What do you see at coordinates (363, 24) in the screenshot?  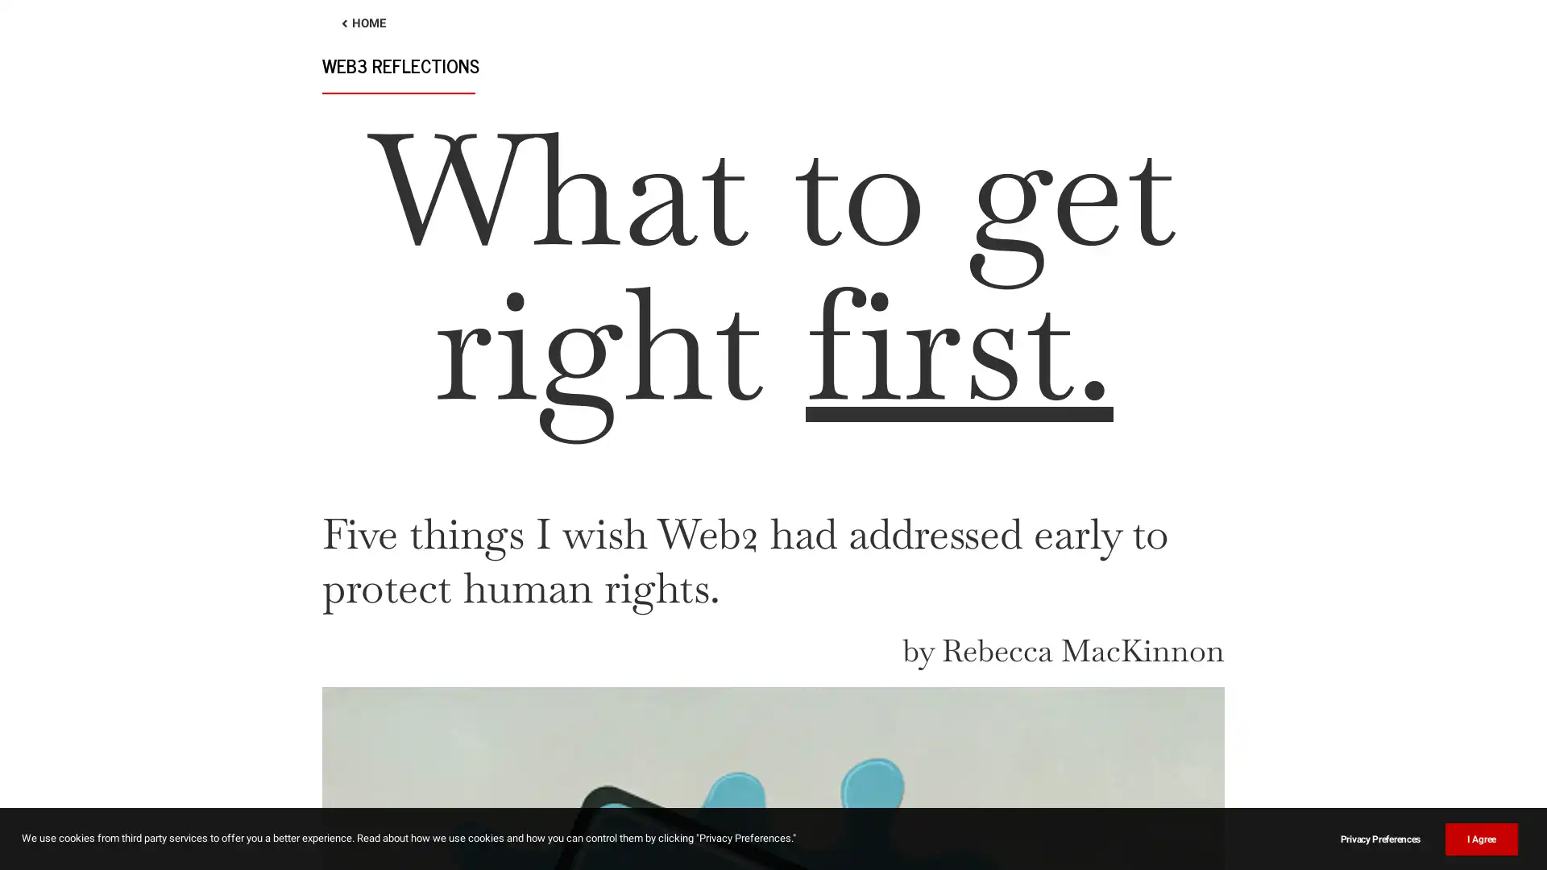 I see `HOME` at bounding box center [363, 24].